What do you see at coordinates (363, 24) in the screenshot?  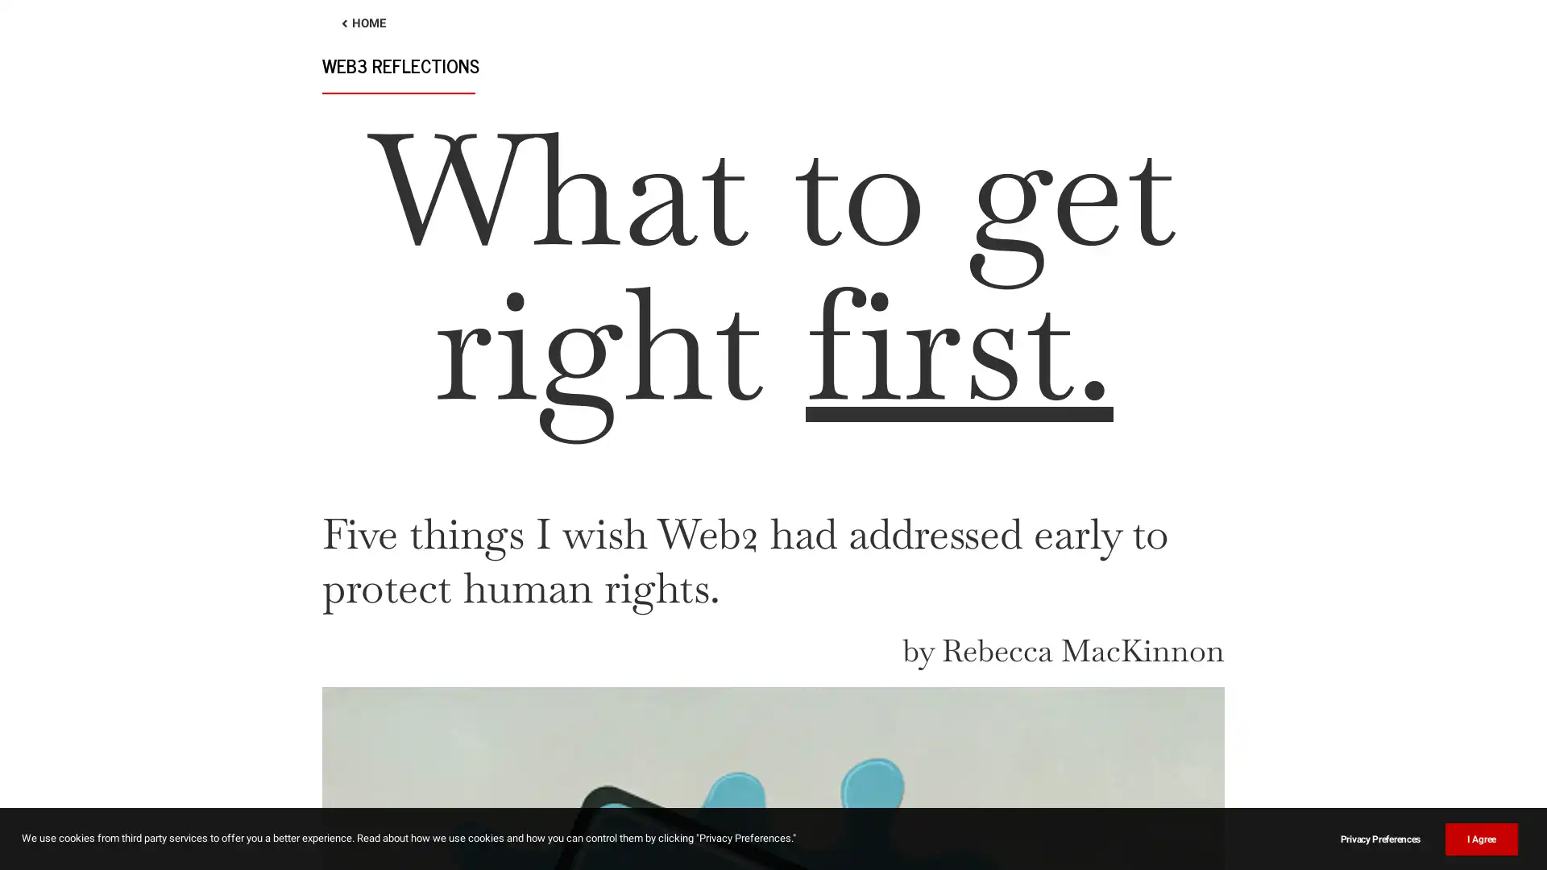 I see `HOME` at bounding box center [363, 24].